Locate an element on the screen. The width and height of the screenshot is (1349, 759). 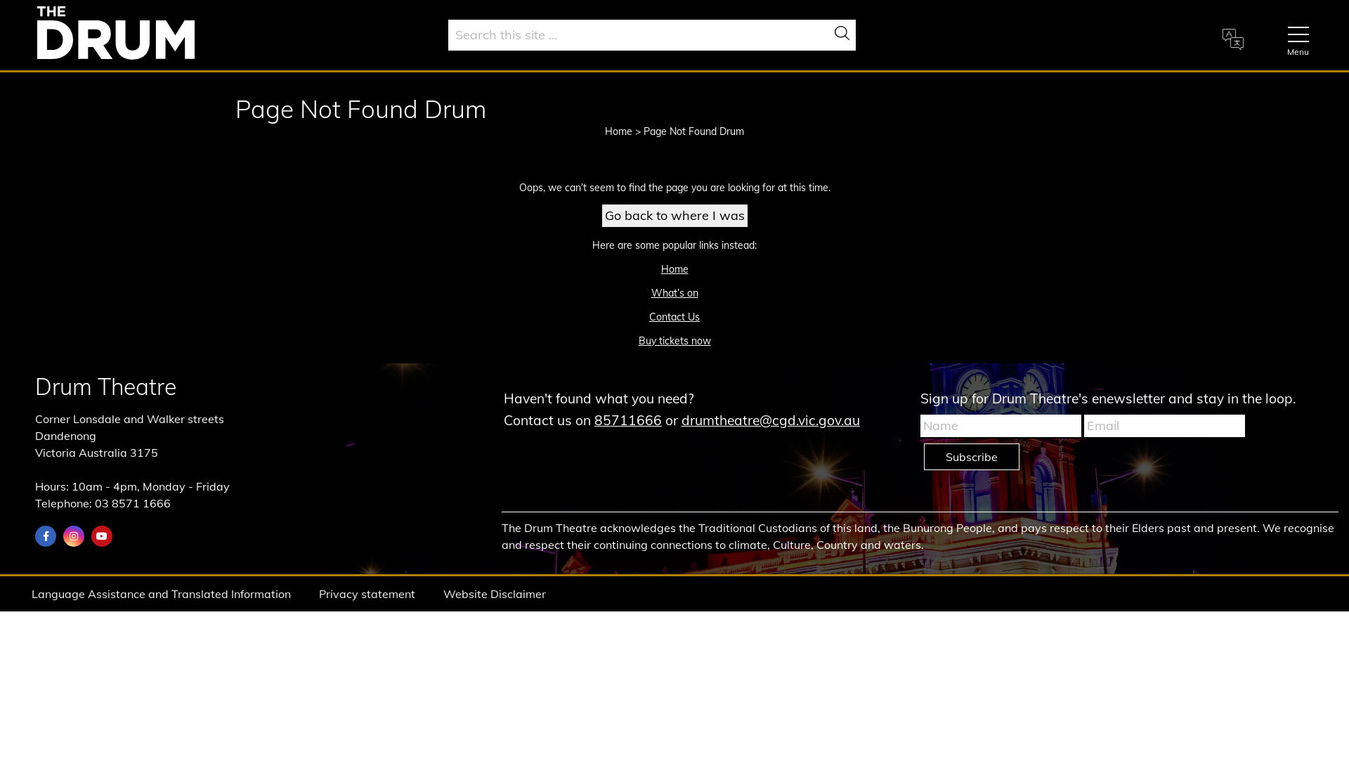
'Go back to where I was' is located at coordinates (673, 216).